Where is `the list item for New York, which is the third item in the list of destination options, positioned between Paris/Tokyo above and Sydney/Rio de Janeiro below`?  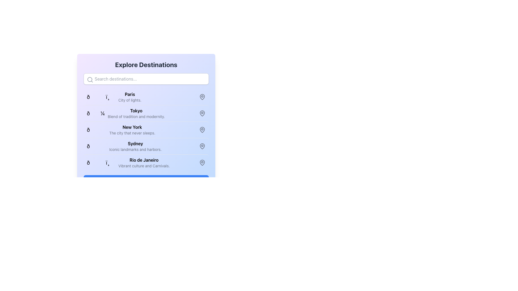
the list item for New York, which is the third item in the list of destination options, positioned between Paris/Tokyo above and Sydney/Rio de Janeiro below is located at coordinates (146, 130).